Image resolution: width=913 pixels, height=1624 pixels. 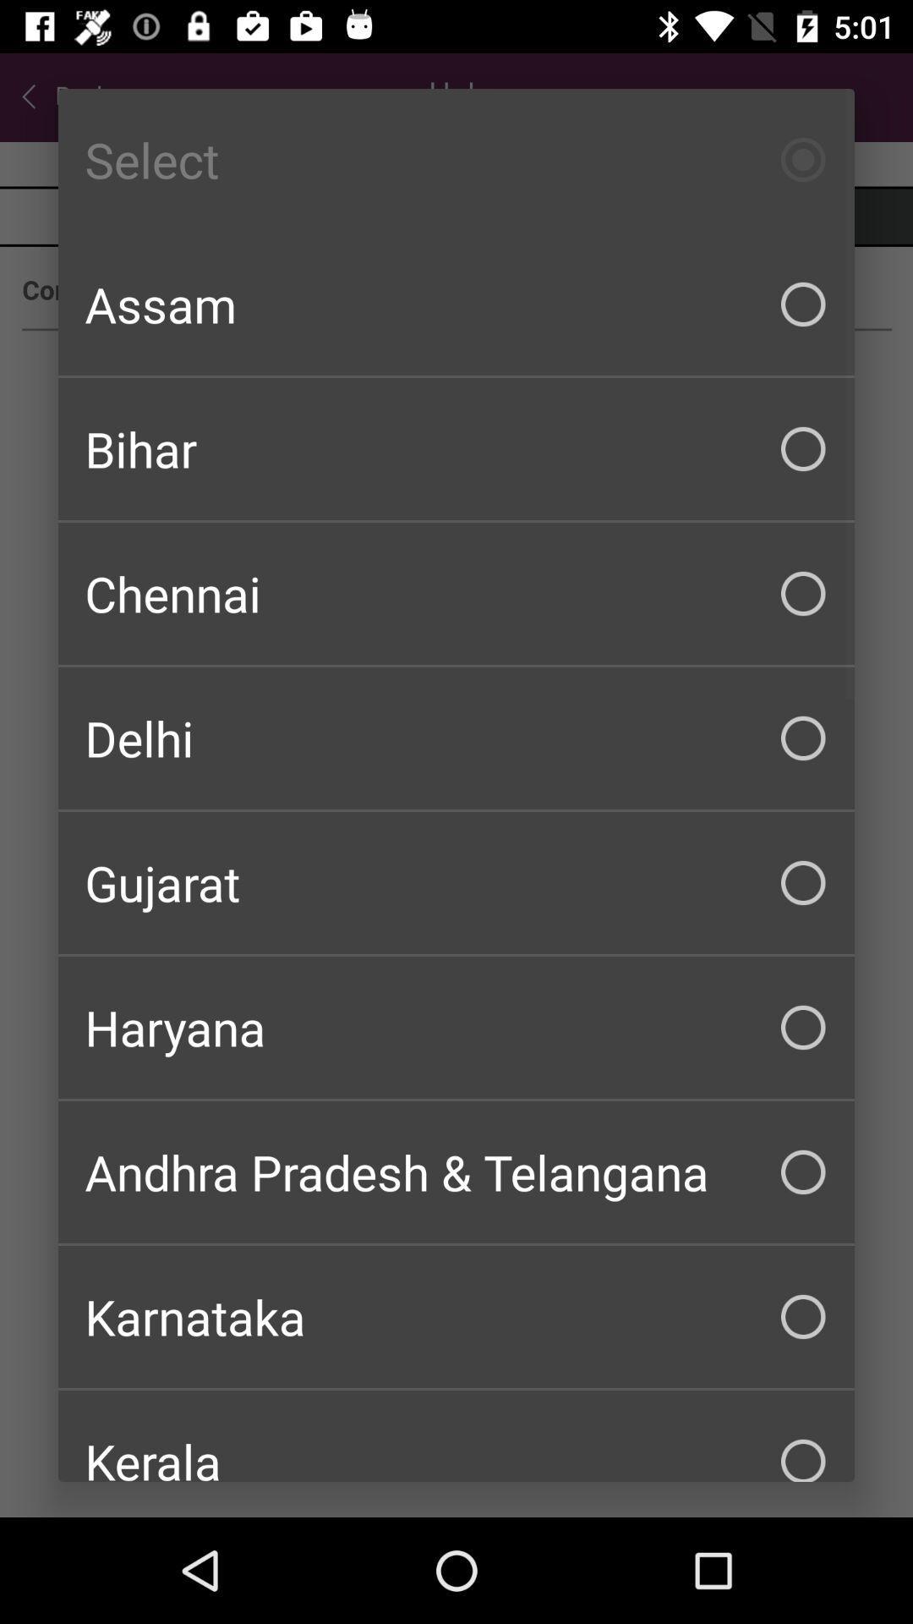 I want to click on the checkbox below andhra pradesh & telangana icon, so click(x=456, y=1315).